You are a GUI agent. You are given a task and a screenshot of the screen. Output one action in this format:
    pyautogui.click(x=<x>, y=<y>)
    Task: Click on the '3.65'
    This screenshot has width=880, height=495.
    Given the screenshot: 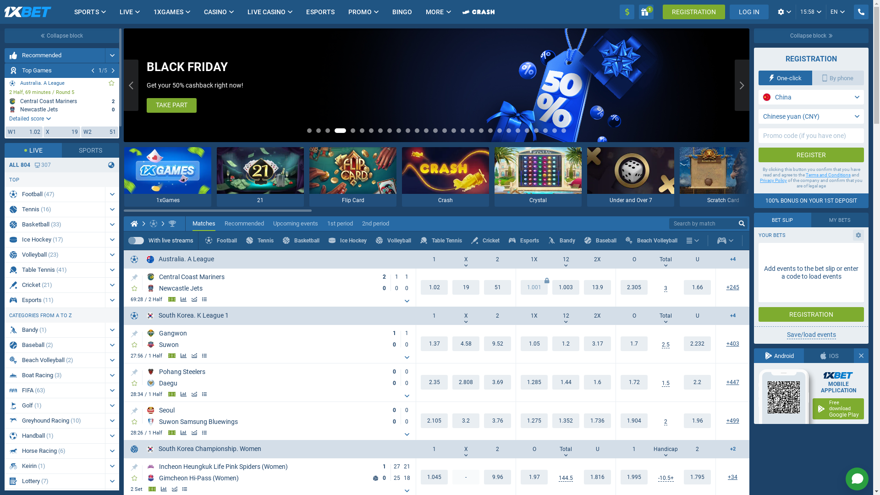 What is the action you would take?
    pyautogui.click(x=484, y=382)
    